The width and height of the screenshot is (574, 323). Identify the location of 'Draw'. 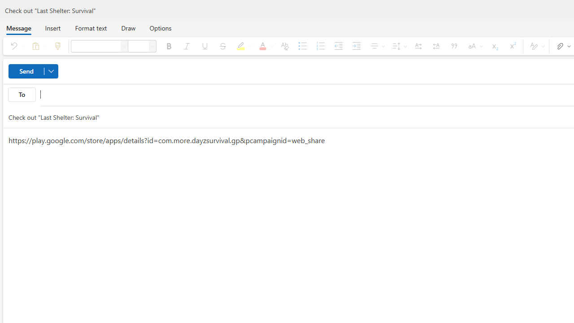
(128, 27).